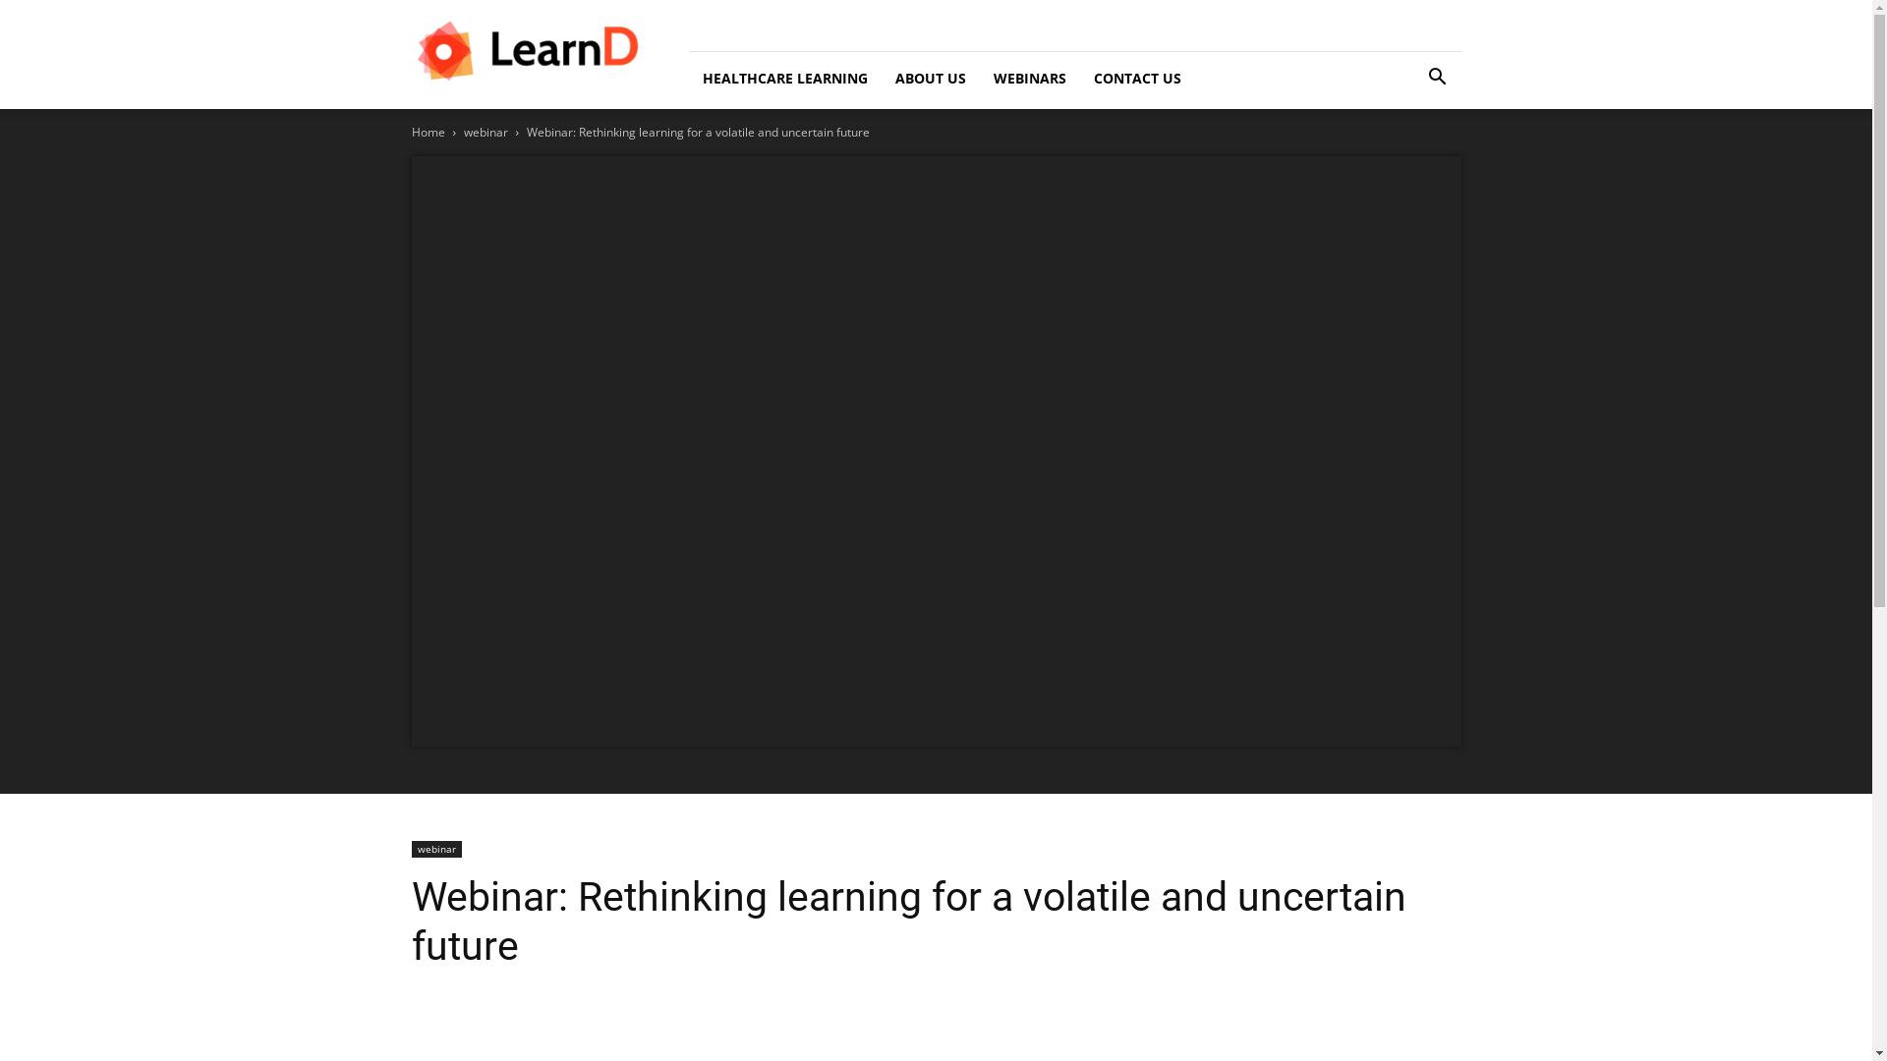 The image size is (1887, 1061). Describe the element at coordinates (1078, 77) in the screenshot. I see `'CONTACT US'` at that location.